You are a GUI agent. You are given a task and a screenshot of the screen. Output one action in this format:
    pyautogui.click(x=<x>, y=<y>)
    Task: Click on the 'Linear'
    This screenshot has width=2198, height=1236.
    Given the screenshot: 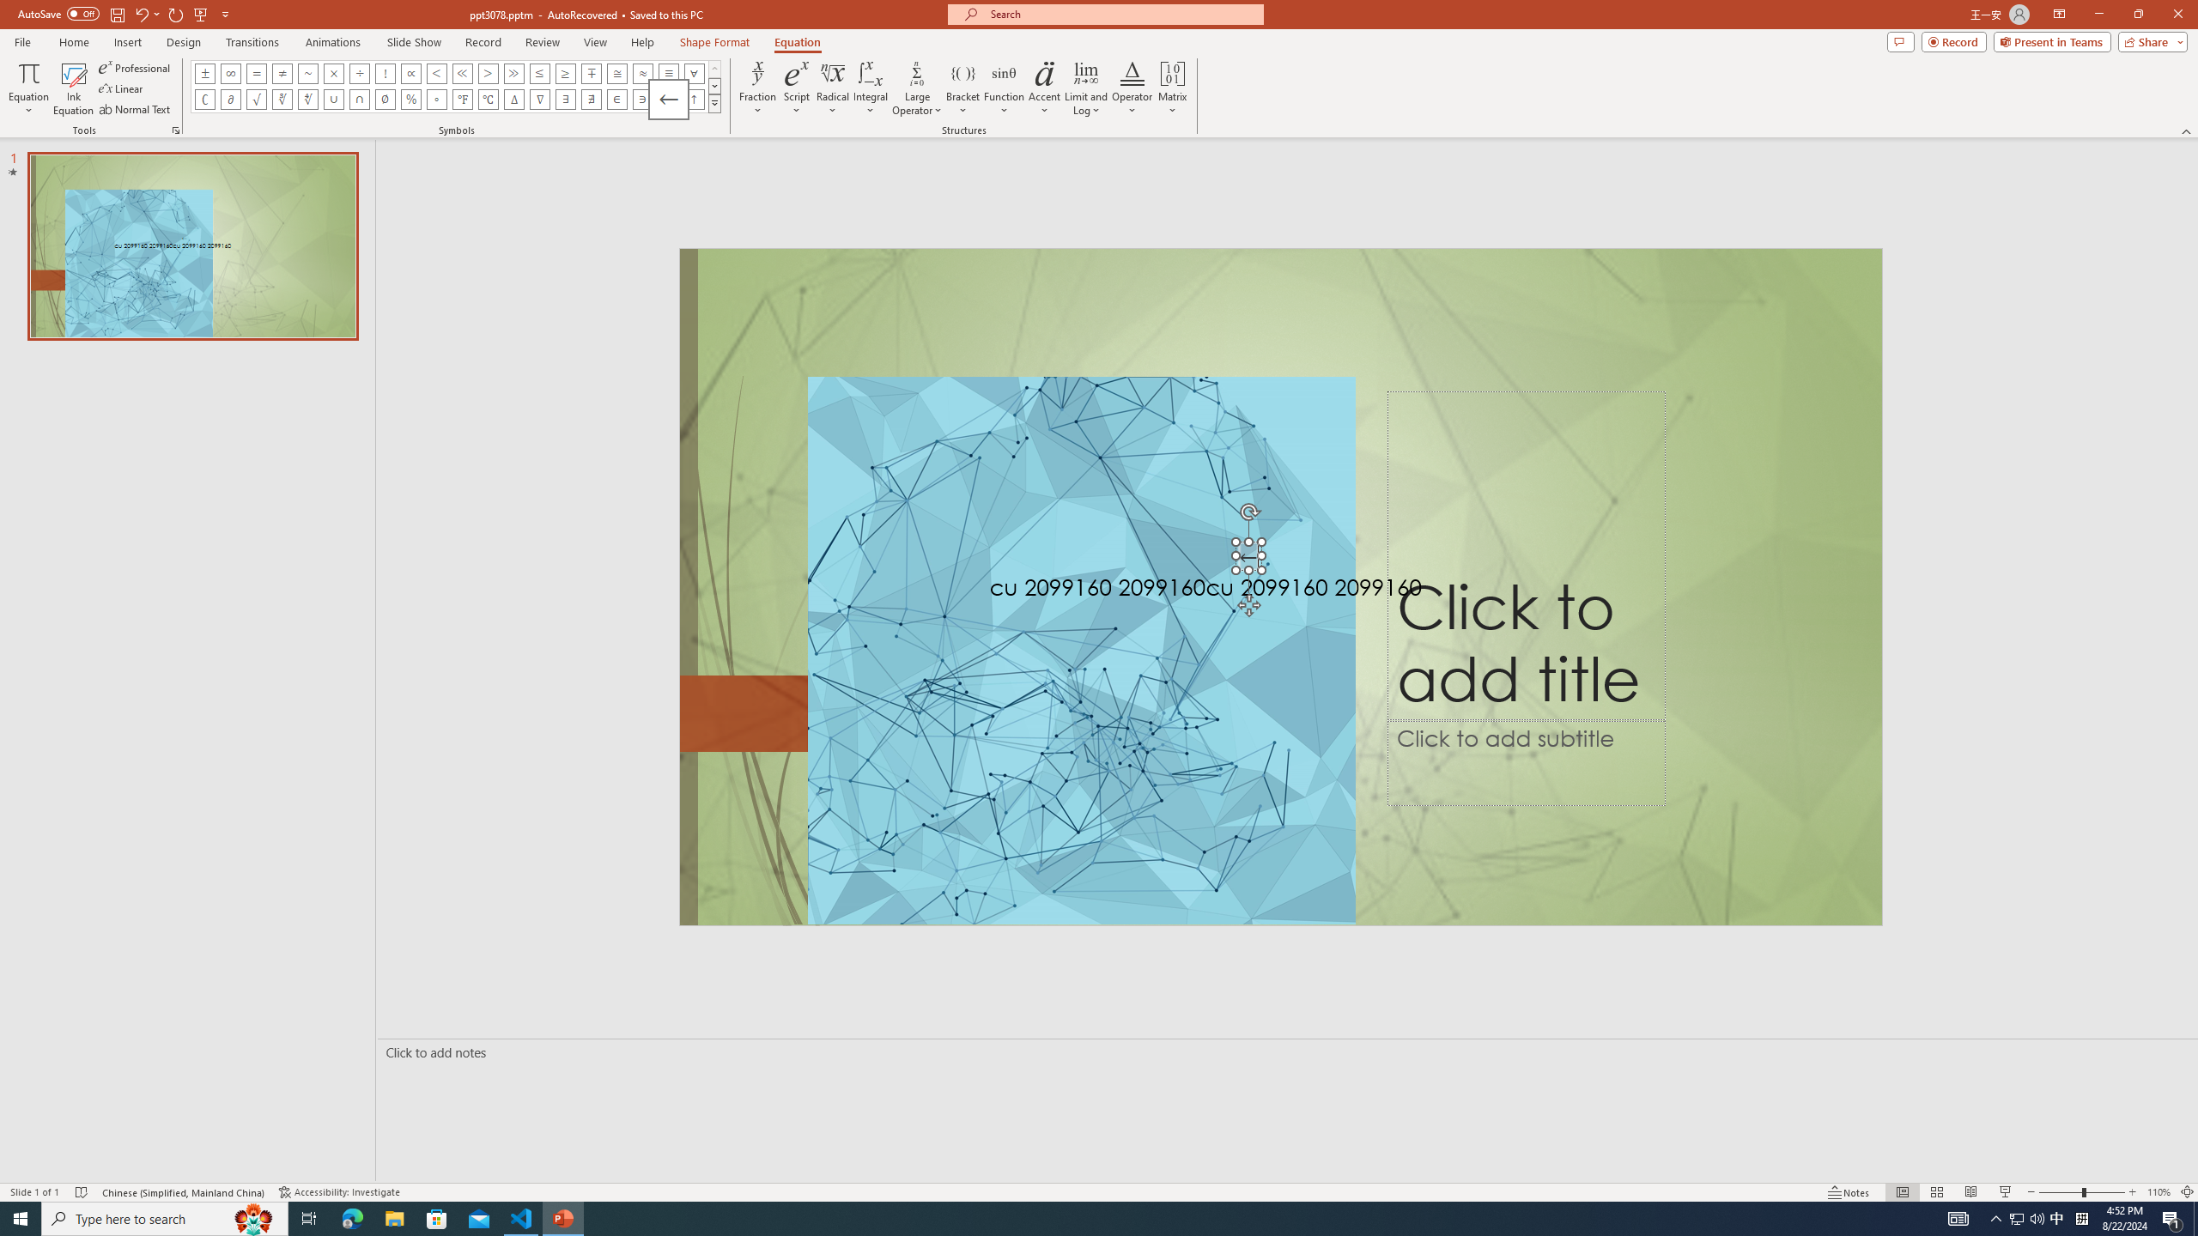 What is the action you would take?
    pyautogui.click(x=122, y=88)
    